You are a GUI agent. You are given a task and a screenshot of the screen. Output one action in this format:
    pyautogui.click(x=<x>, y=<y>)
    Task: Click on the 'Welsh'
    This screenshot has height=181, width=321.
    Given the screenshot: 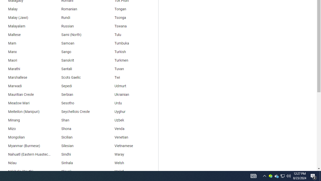 What is the action you would take?
    pyautogui.click(x=132, y=163)
    